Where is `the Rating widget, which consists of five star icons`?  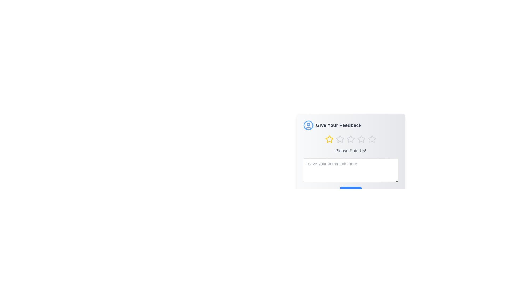
the Rating widget, which consists of five star icons is located at coordinates (351, 139).